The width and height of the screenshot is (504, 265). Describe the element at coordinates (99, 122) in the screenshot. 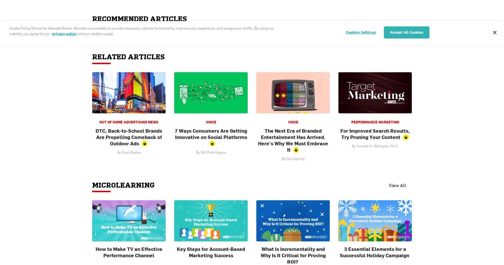

I see `'Out of Home Advertising News'` at that location.